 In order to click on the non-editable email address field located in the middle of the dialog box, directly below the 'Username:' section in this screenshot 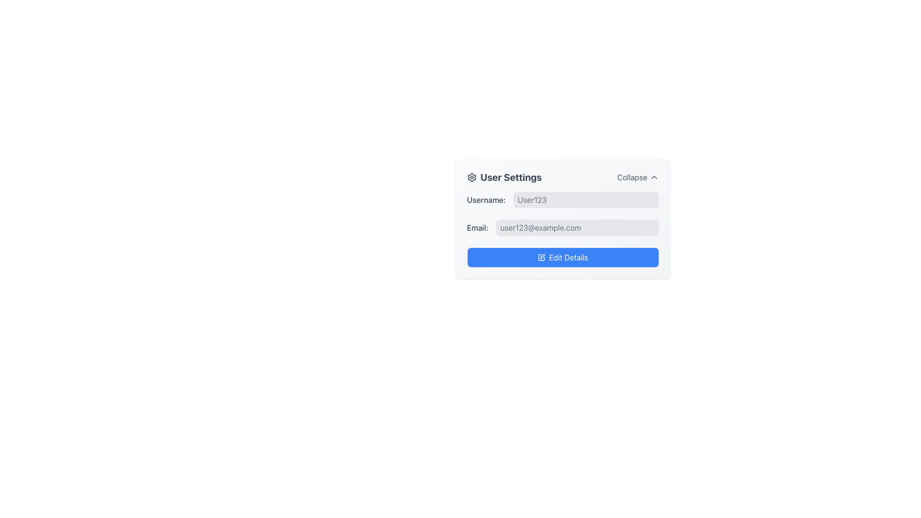, I will do `click(563, 227)`.